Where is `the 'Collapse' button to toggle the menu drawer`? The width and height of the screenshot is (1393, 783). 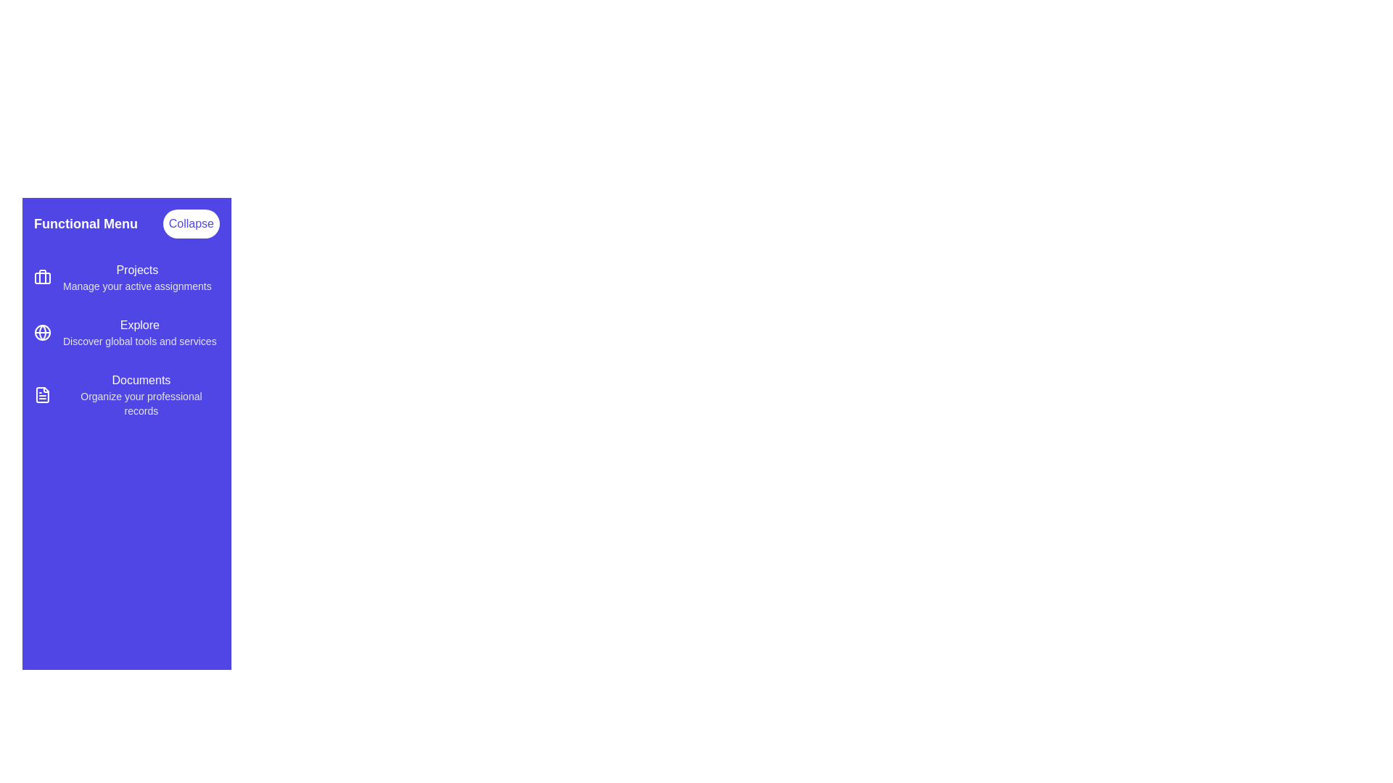 the 'Collapse' button to toggle the menu drawer is located at coordinates (190, 223).